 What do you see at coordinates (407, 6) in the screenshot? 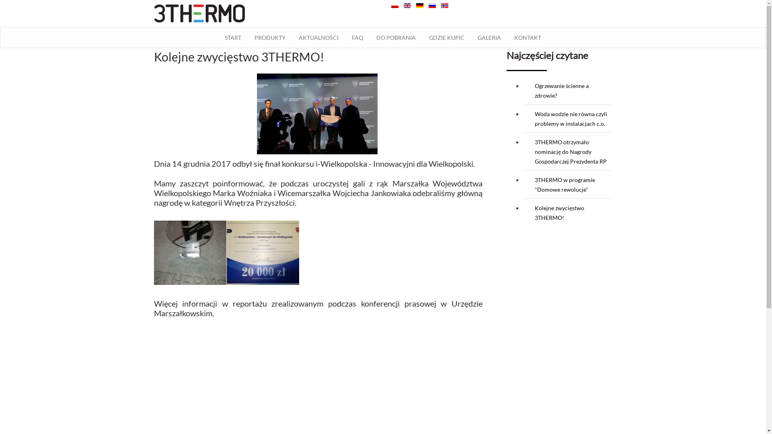
I see `'English (UK)'` at bounding box center [407, 6].